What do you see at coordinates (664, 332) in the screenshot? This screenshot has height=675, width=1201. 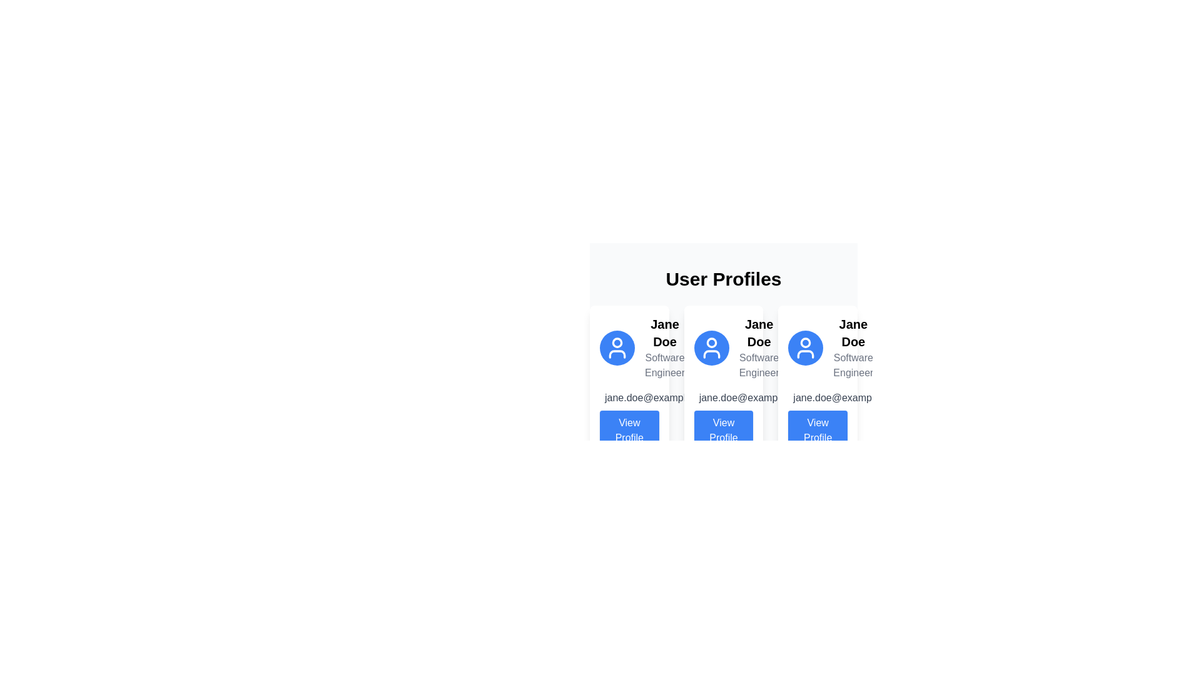 I see `name 'Jane Doe' from the bold, black text element styled as a headline at the top of the first user profile card` at bounding box center [664, 332].